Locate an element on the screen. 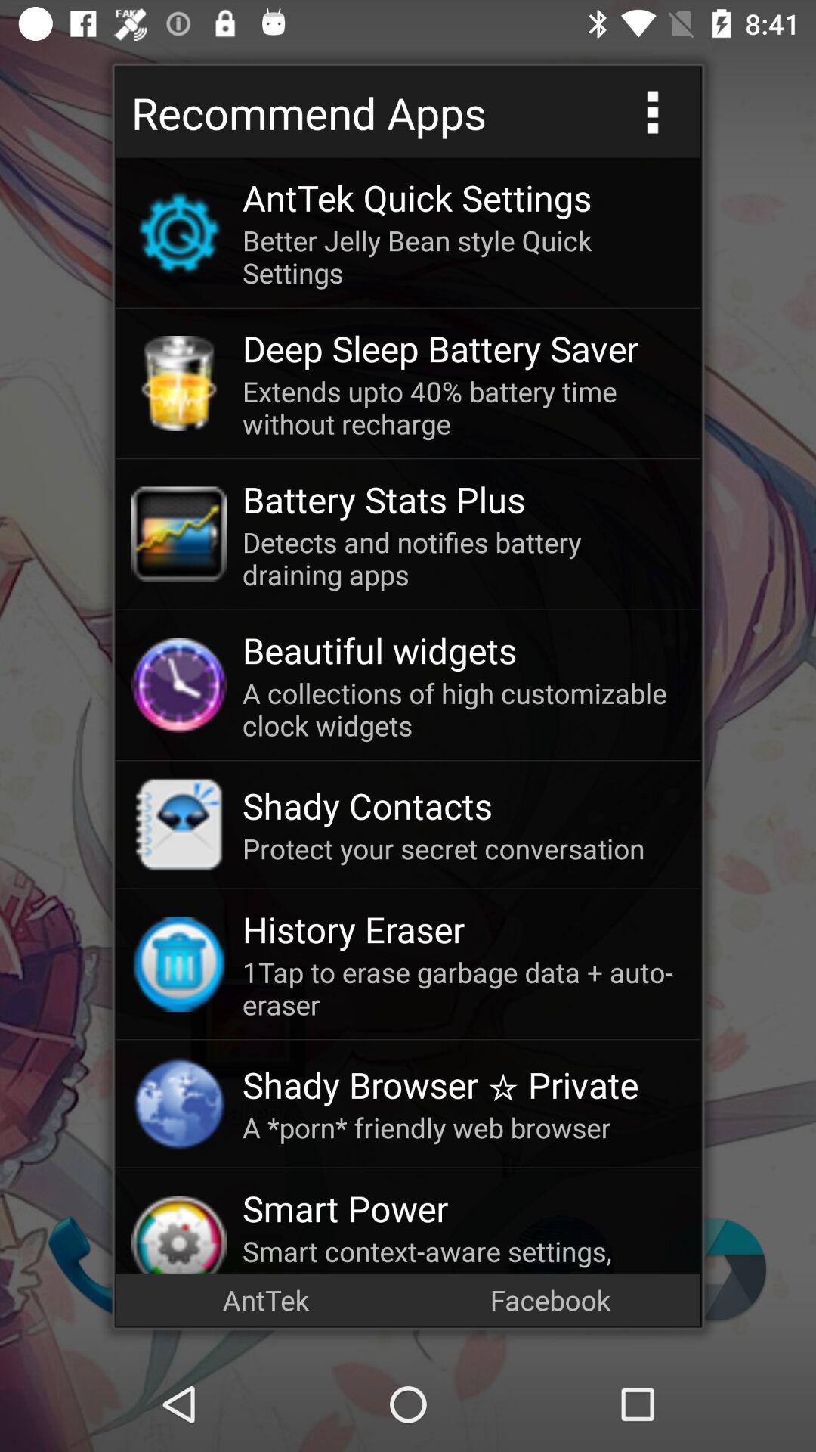  the extends upto 40 item is located at coordinates (462, 407).